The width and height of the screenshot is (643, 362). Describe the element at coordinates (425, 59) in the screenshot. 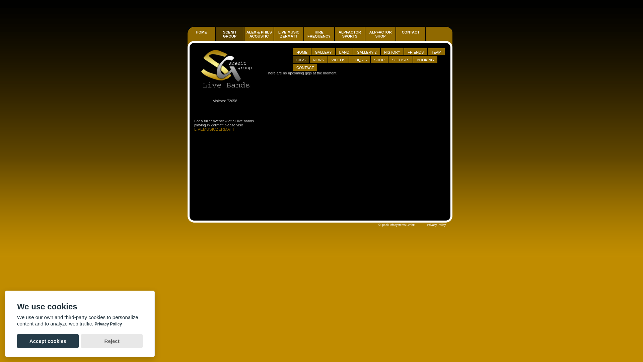

I see `'BOOKING'` at that location.